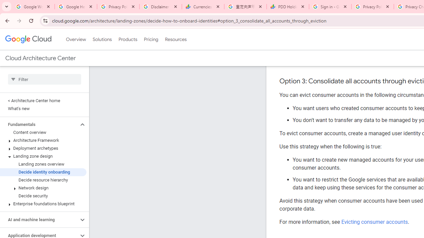  I want to click on 'PDD Holdings Inc - ADR (PDD) Price & News - Google Finance', so click(288, 7).